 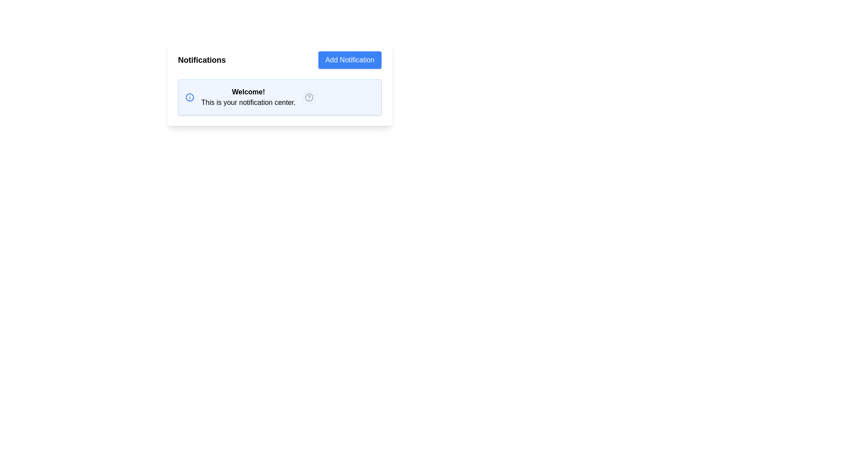 What do you see at coordinates (349, 60) in the screenshot?
I see `the rectangular button with a blue background and white text that says 'Add Notification'` at bounding box center [349, 60].